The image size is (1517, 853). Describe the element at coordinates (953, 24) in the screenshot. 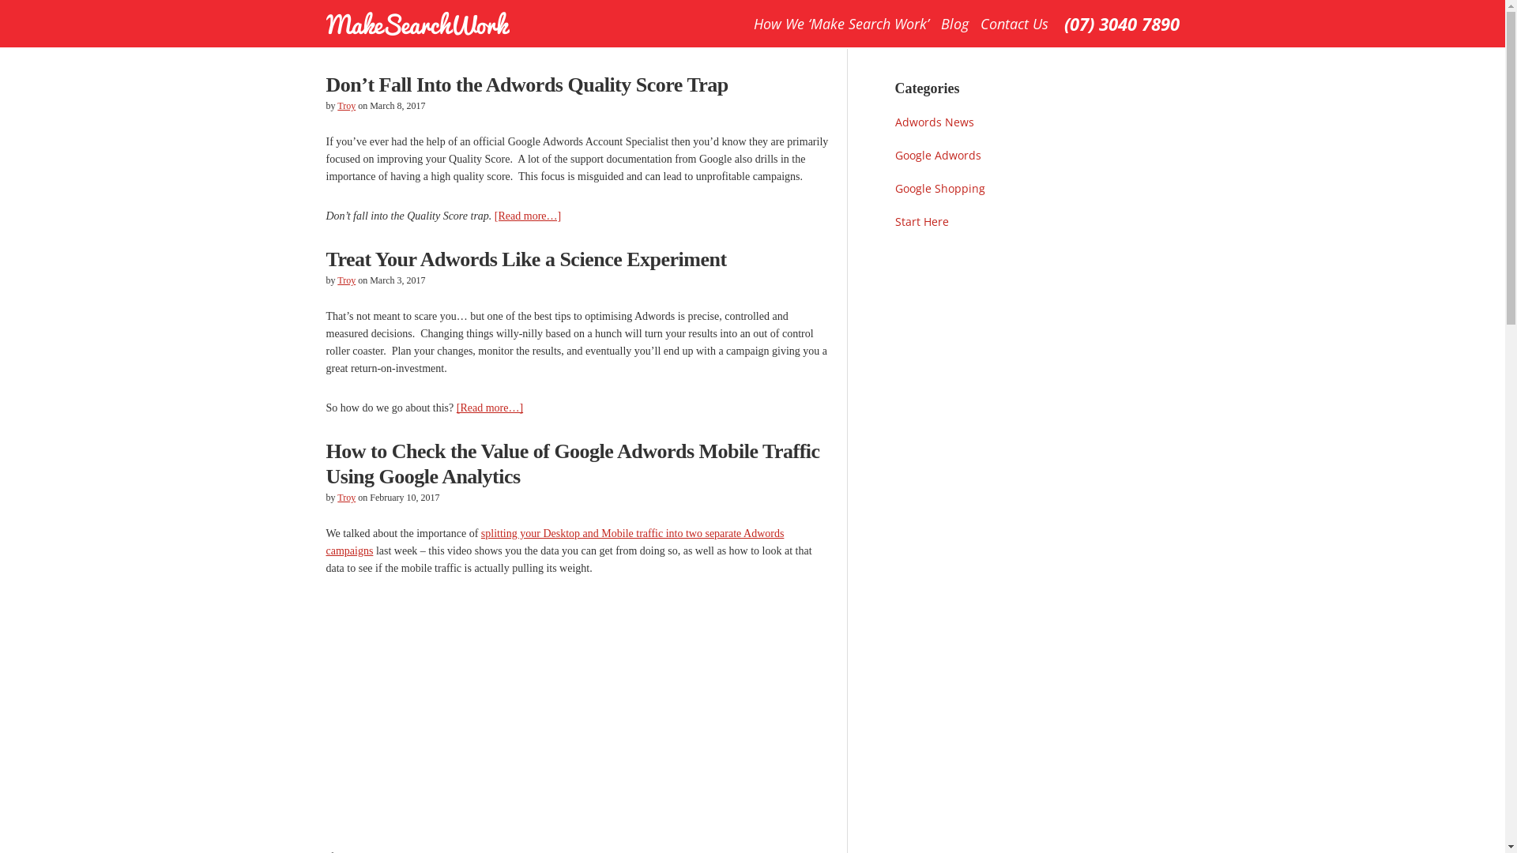

I see `'Blog'` at that location.